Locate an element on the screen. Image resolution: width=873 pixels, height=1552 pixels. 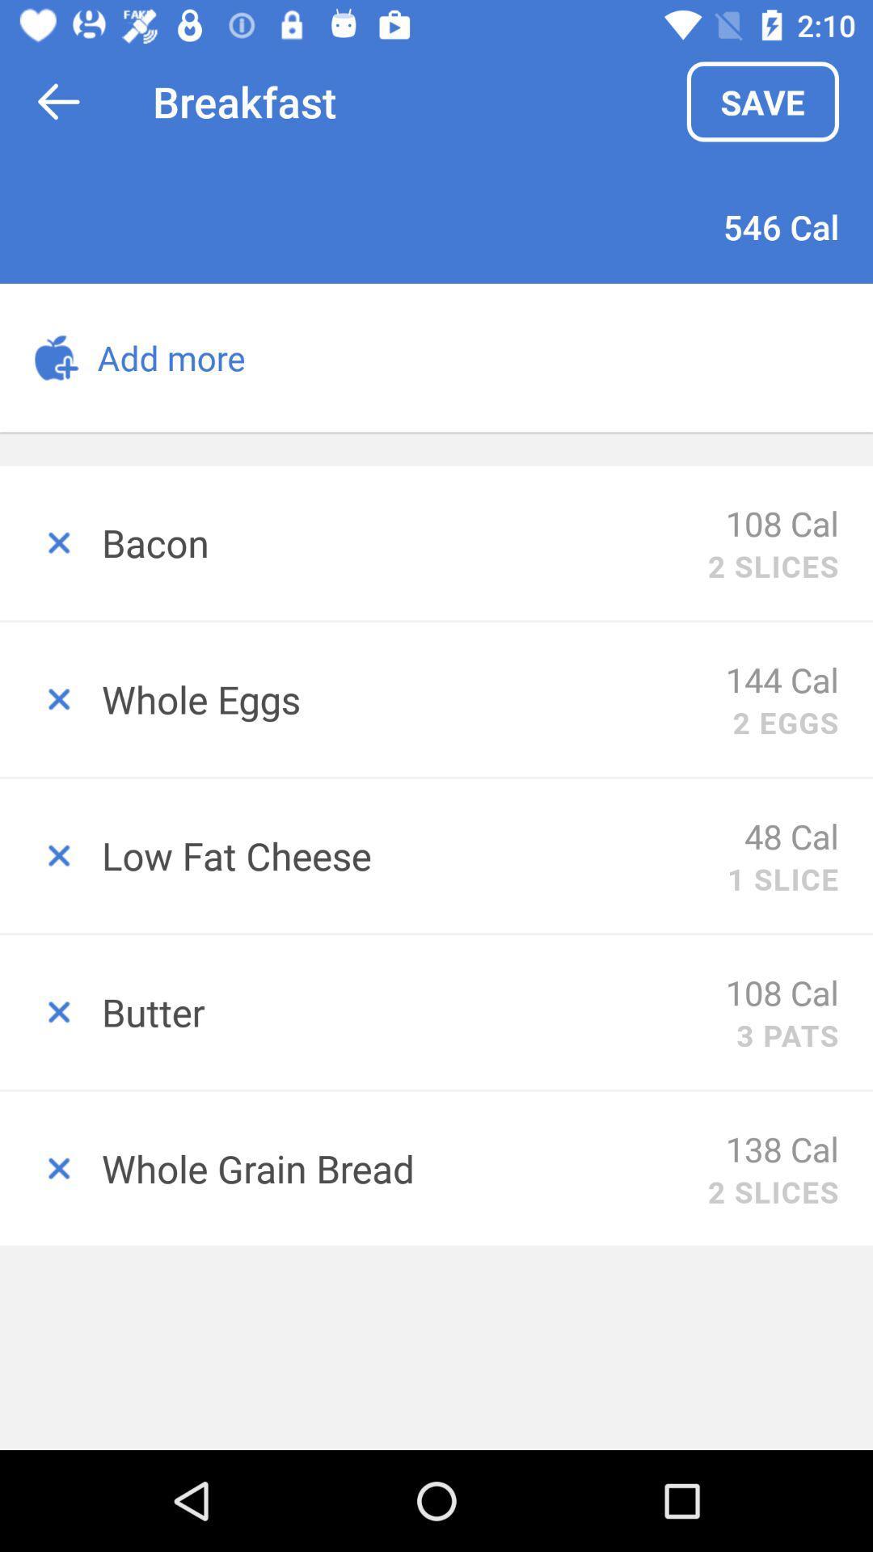
remove item is located at coordinates (49, 1011).